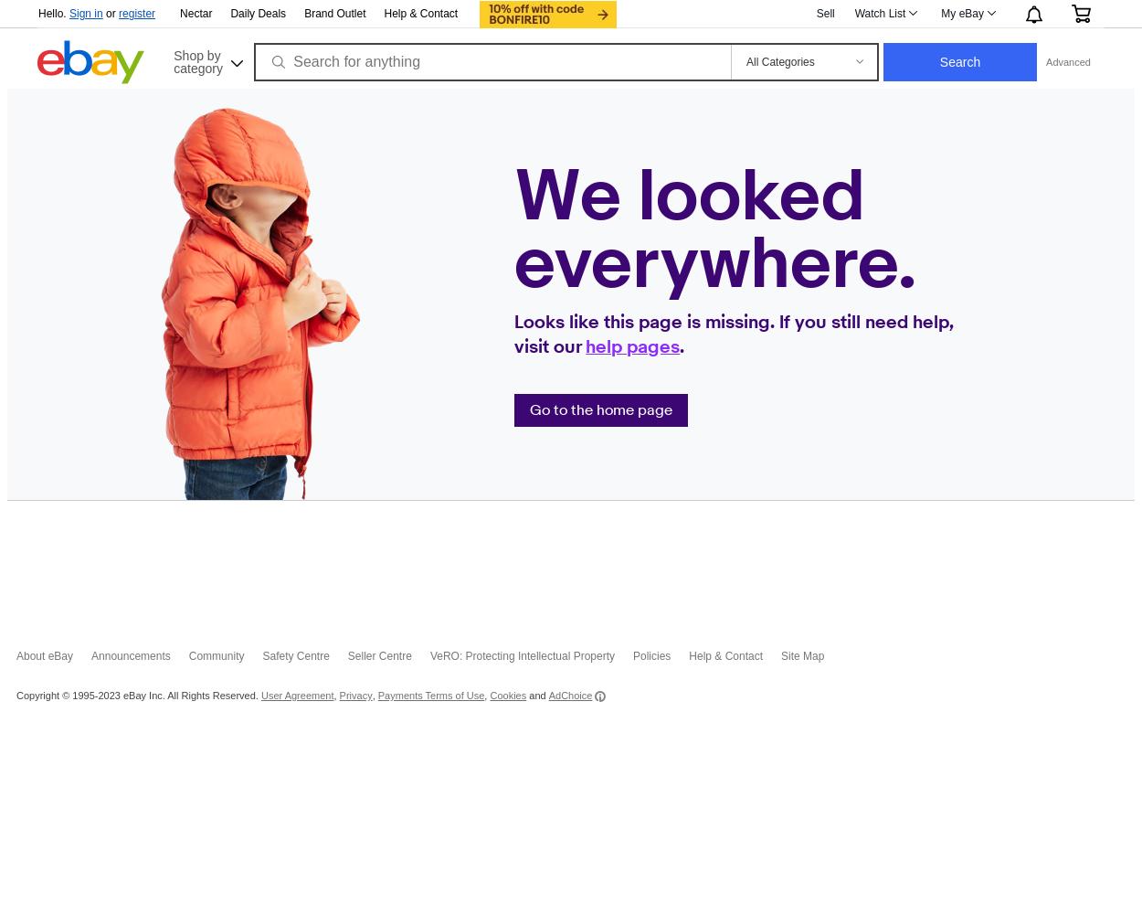 The width and height of the screenshot is (1142, 914). What do you see at coordinates (294, 655) in the screenshot?
I see `'Safety Centre'` at bounding box center [294, 655].